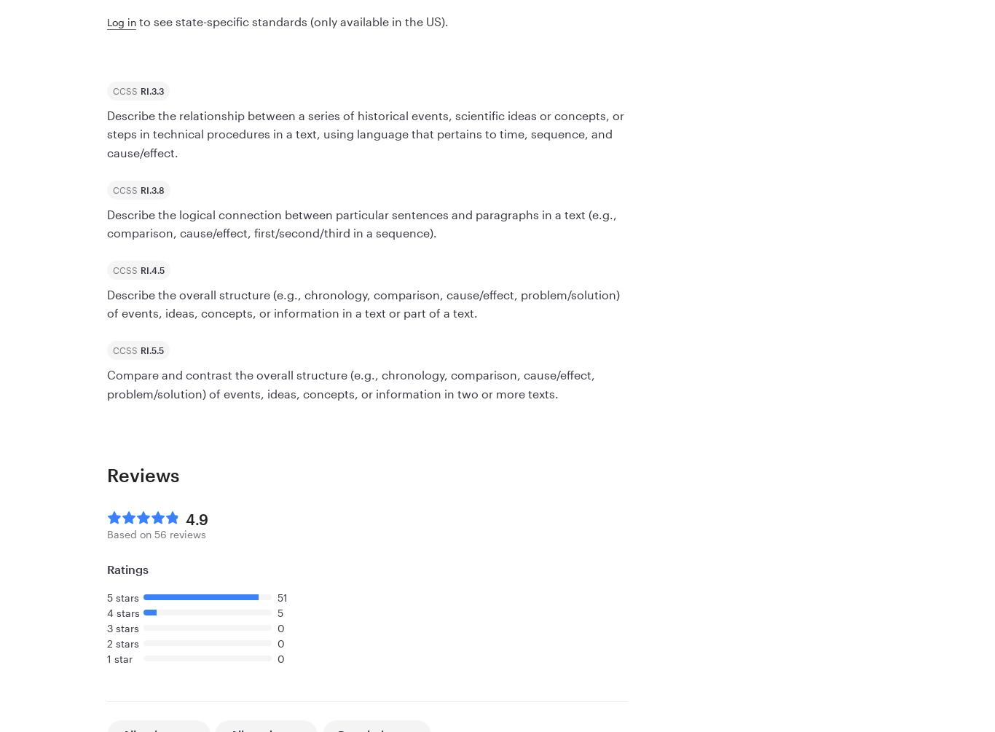 The height and width of the screenshot is (732, 995). Describe the element at coordinates (106, 383) in the screenshot. I see `'Compare and contrast the overall structure (e.g., chronology, comparison, cause/effect, problem/solution) of events, ideas, concepts, or information in two or more texts.'` at that location.